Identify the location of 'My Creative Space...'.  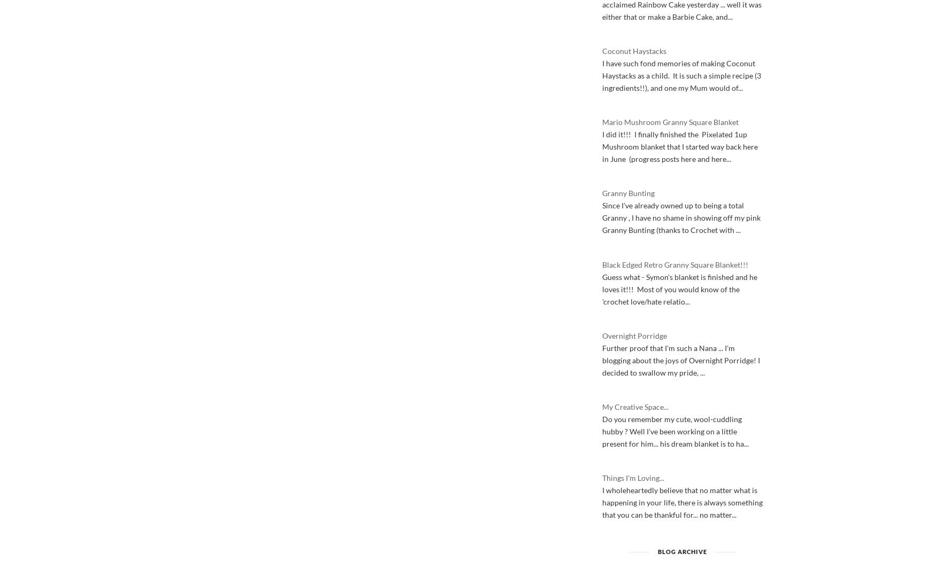
(634, 407).